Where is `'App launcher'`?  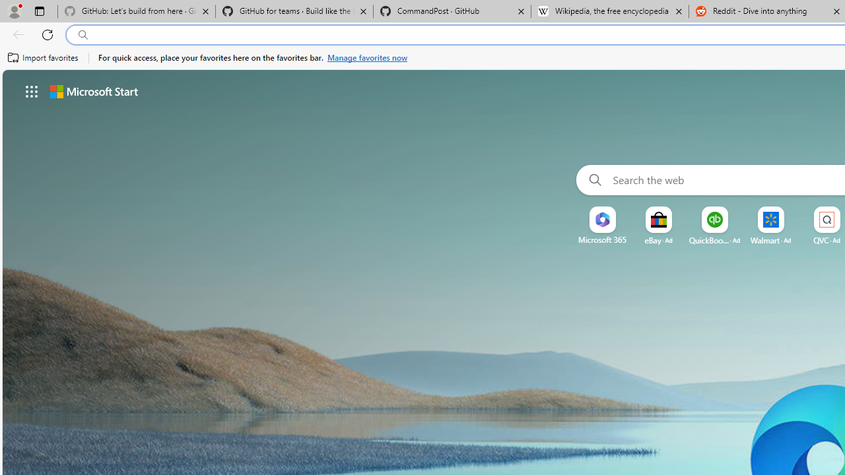 'App launcher' is located at coordinates (32, 90).